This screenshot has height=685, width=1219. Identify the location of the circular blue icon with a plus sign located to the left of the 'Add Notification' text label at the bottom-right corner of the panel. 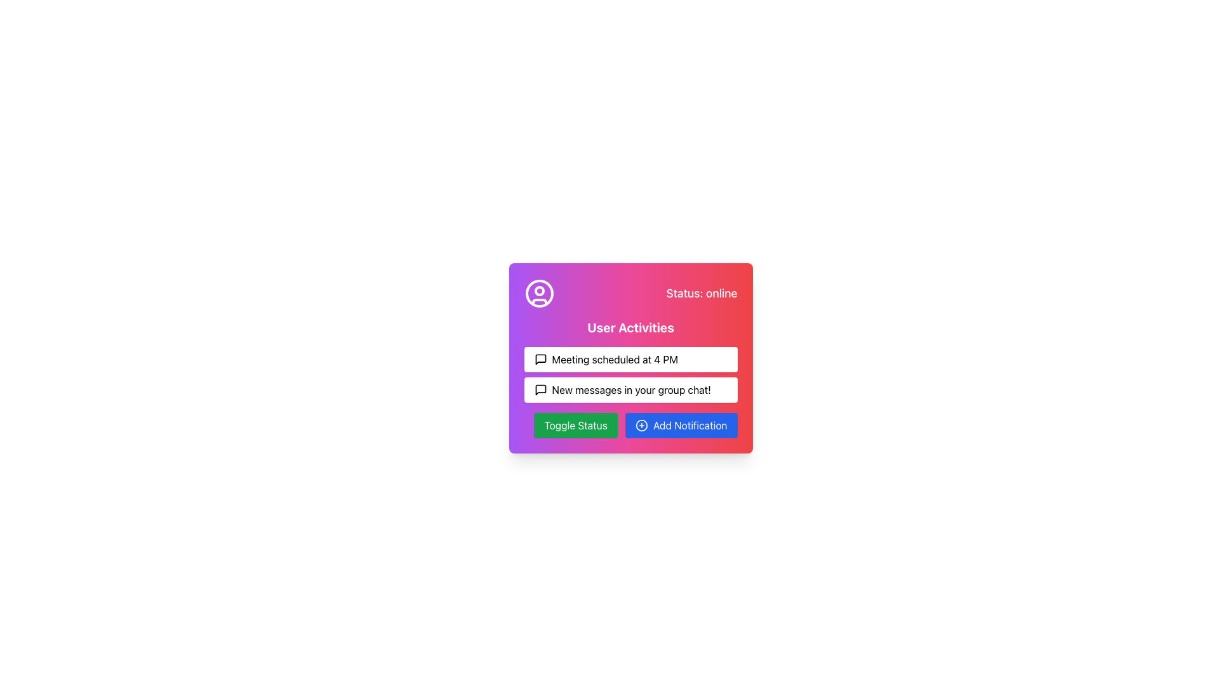
(641, 426).